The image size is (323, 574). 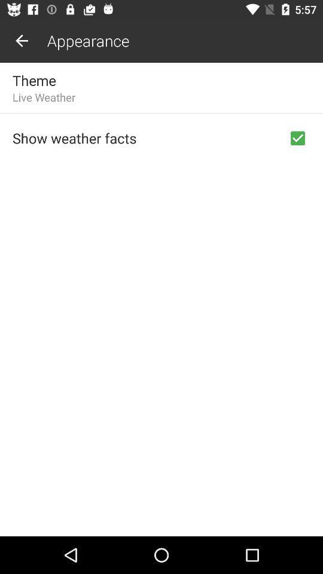 What do you see at coordinates (22, 41) in the screenshot?
I see `the item above the theme item` at bounding box center [22, 41].